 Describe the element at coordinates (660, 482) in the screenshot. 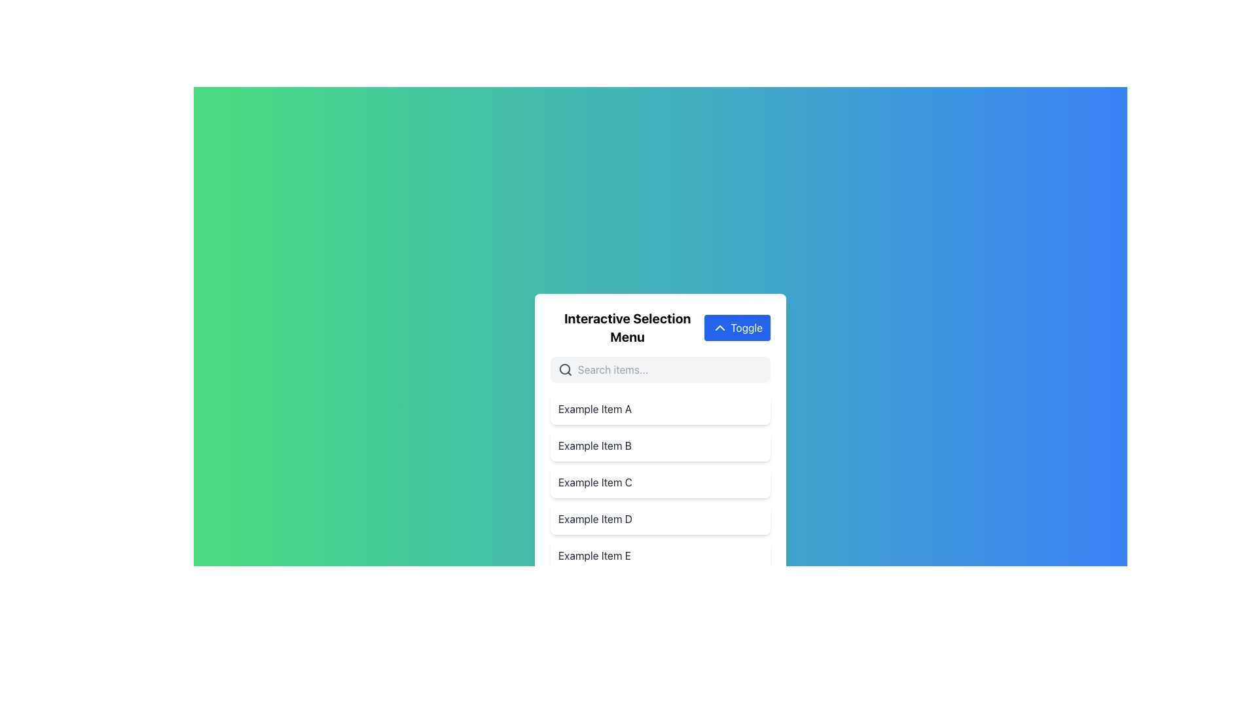

I see `keyboard navigation` at that location.